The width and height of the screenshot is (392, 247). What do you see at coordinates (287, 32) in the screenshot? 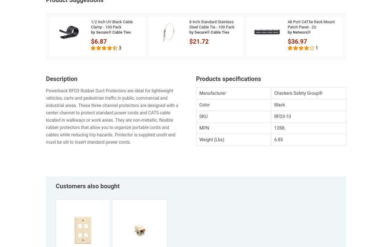
I see `'by Networx®'` at bounding box center [287, 32].